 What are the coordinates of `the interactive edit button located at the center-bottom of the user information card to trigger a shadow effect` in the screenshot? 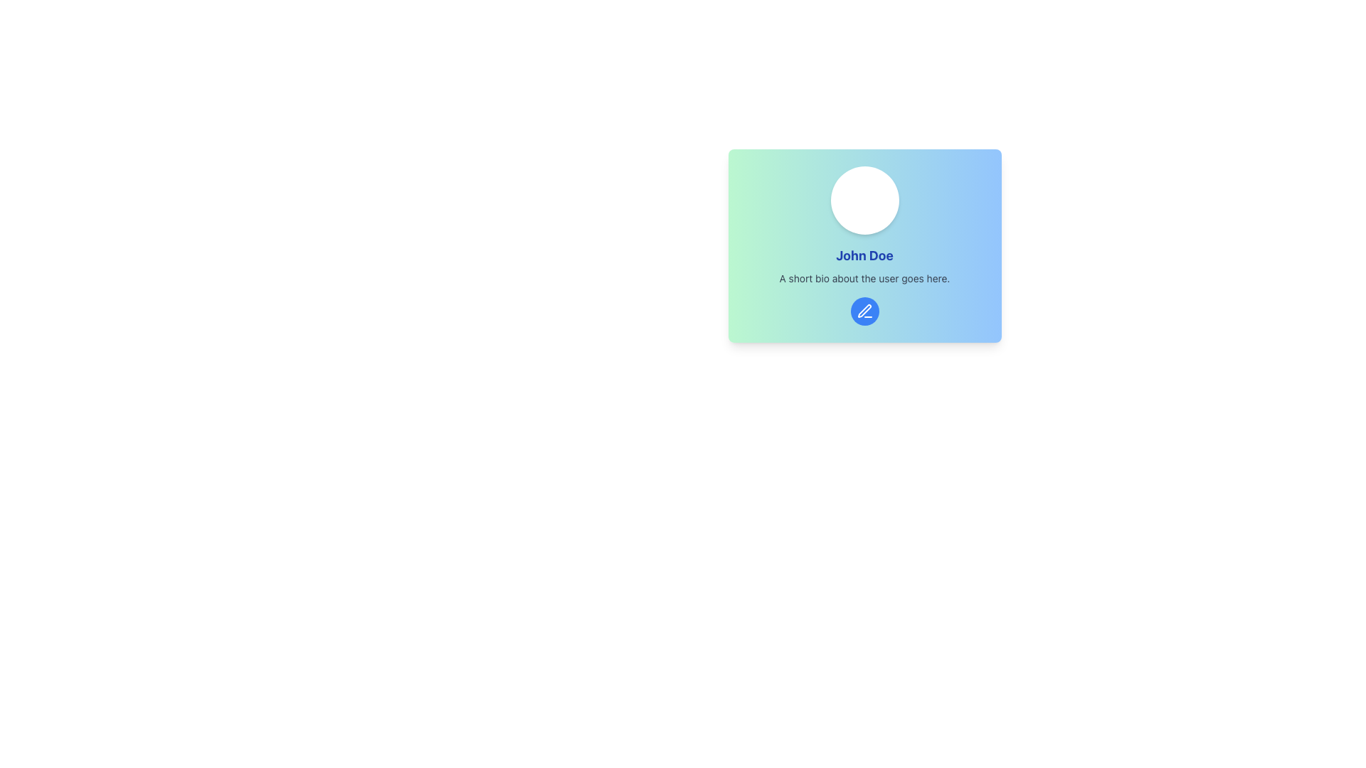 It's located at (864, 311).